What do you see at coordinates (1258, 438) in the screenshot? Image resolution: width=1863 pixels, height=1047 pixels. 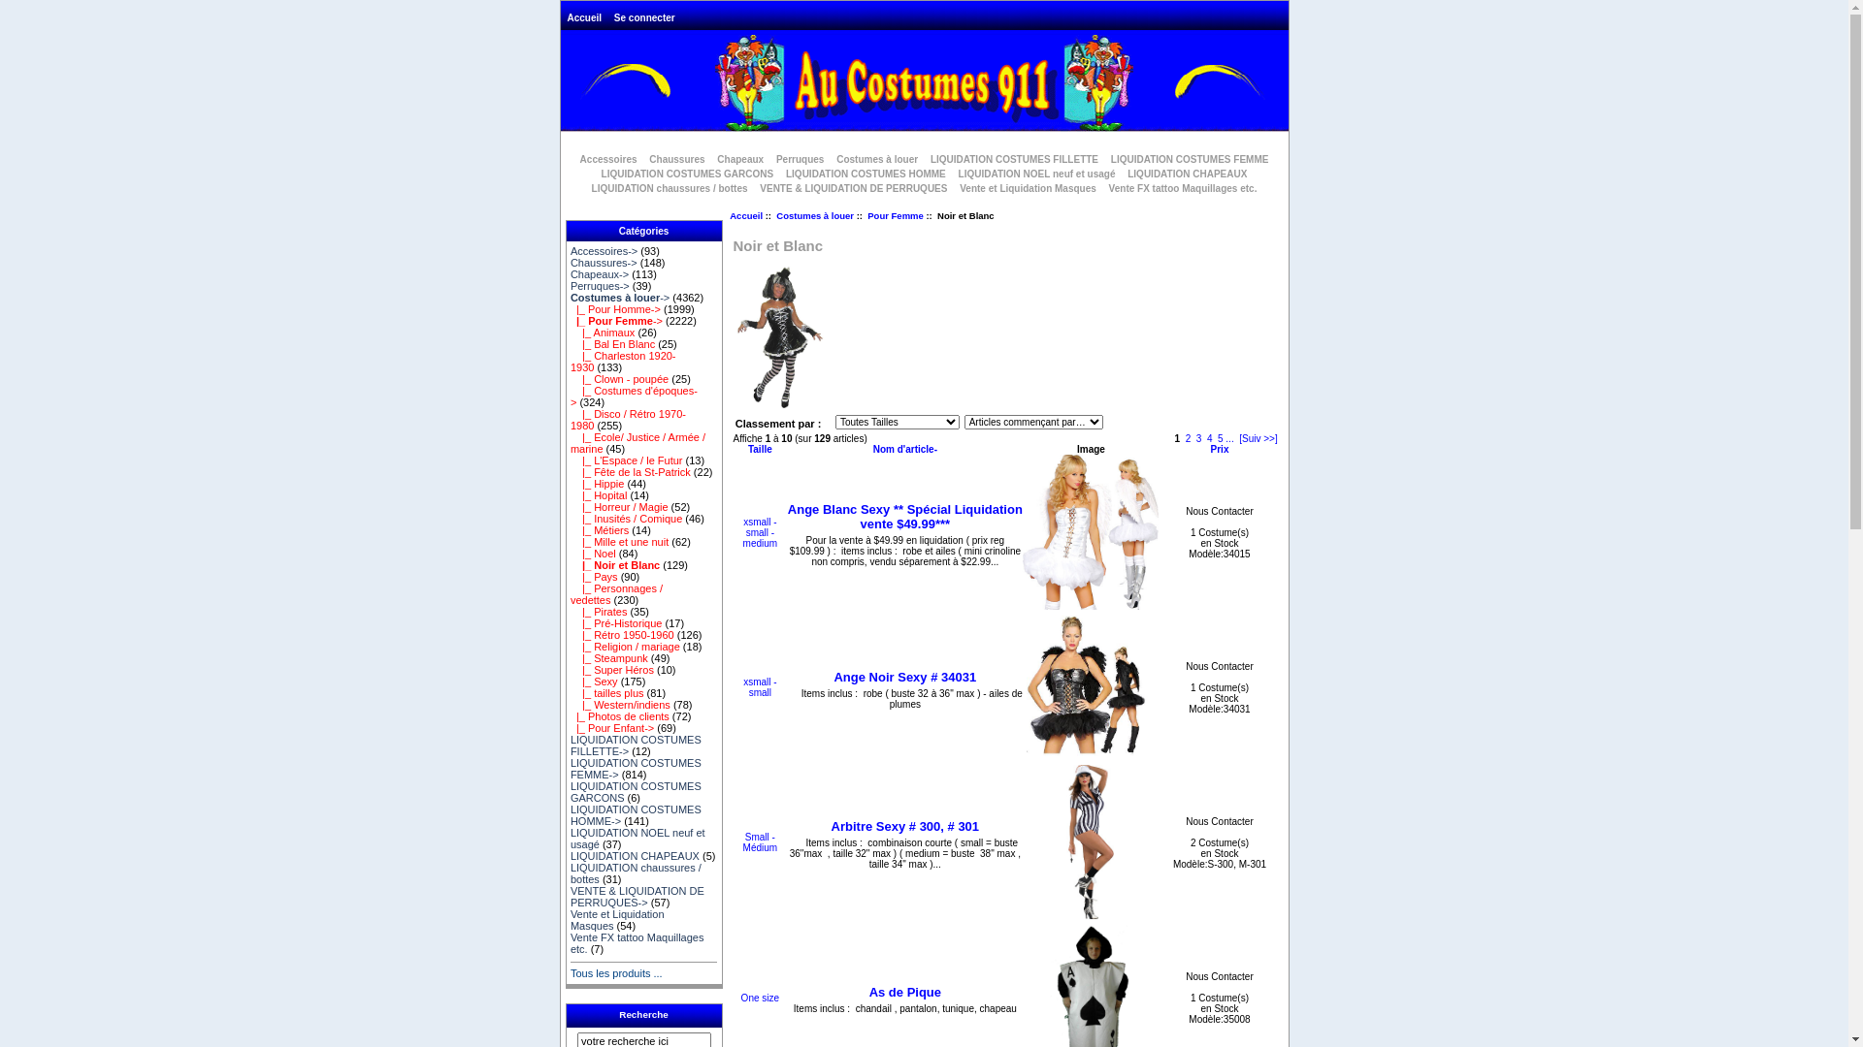 I see `'[Suiv >>]'` at bounding box center [1258, 438].